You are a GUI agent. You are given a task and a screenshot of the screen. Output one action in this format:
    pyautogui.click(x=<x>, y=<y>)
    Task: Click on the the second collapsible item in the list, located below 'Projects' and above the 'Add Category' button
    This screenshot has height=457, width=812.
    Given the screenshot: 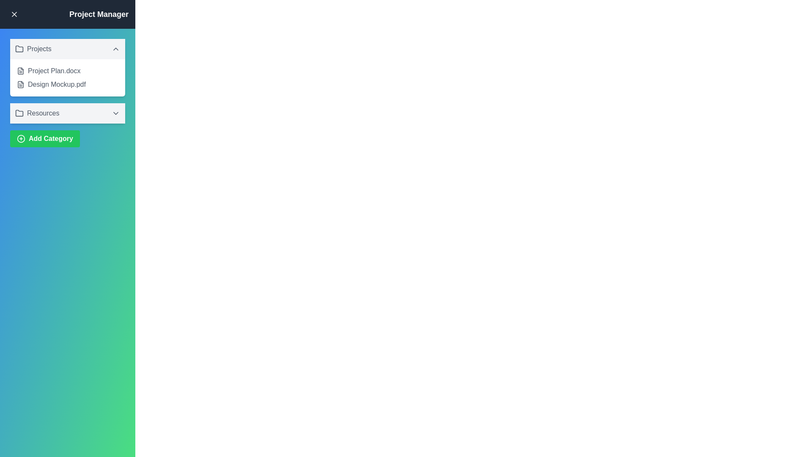 What is the action you would take?
    pyautogui.click(x=67, y=113)
    